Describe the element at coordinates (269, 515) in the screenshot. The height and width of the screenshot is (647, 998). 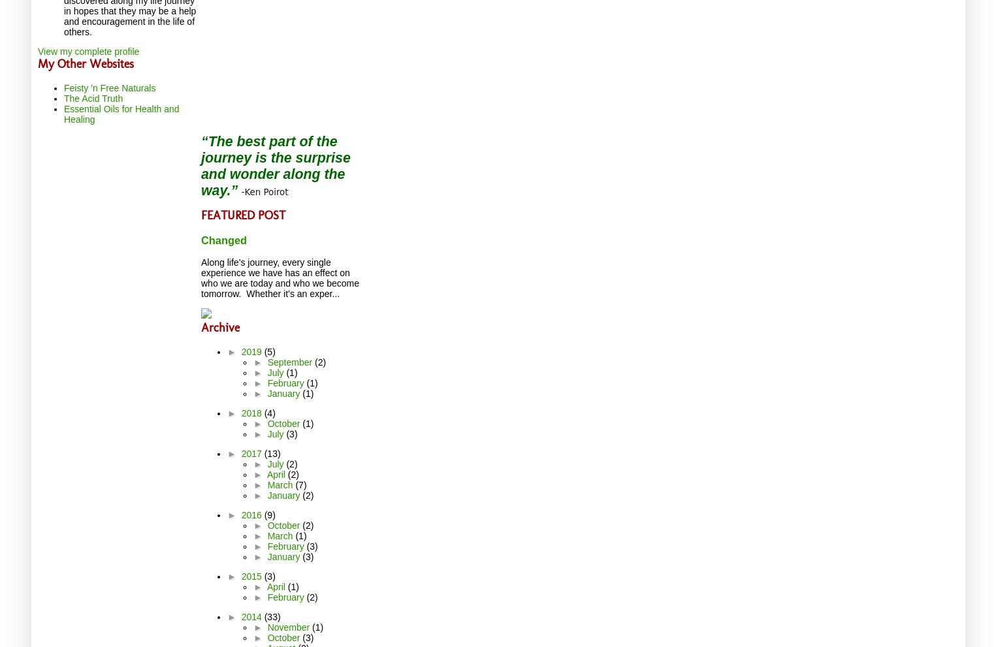
I see `'(9)'` at that location.